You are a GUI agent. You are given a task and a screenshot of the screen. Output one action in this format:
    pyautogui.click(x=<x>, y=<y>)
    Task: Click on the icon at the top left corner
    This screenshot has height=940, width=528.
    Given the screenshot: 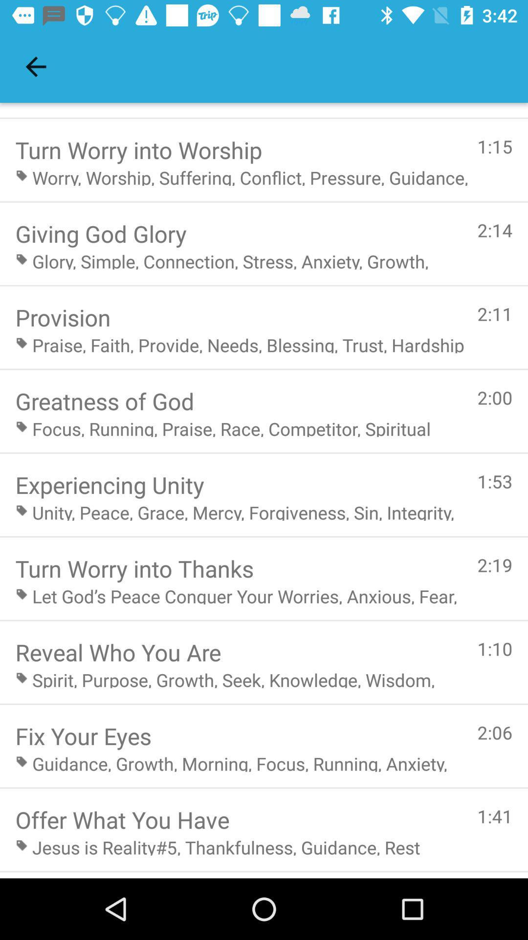 What is the action you would take?
    pyautogui.click(x=35, y=66)
    